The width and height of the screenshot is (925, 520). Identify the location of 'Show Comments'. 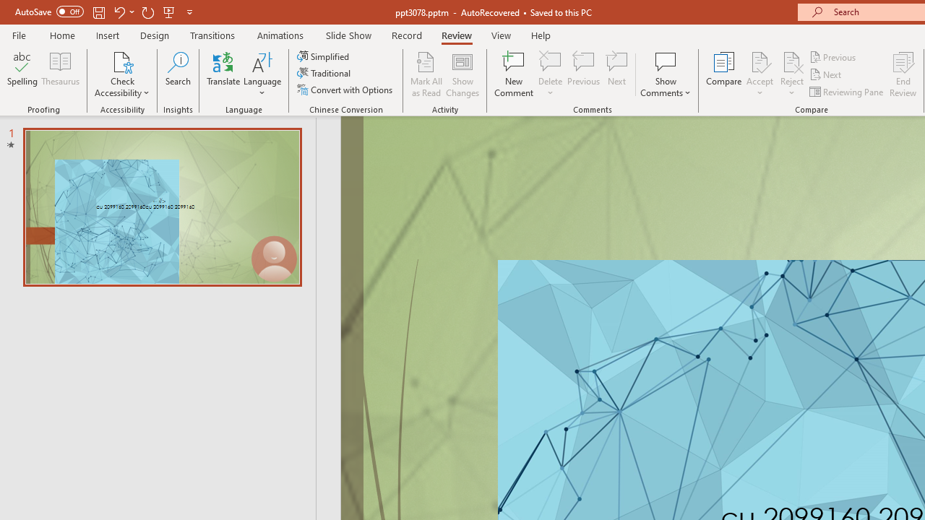
(665, 61).